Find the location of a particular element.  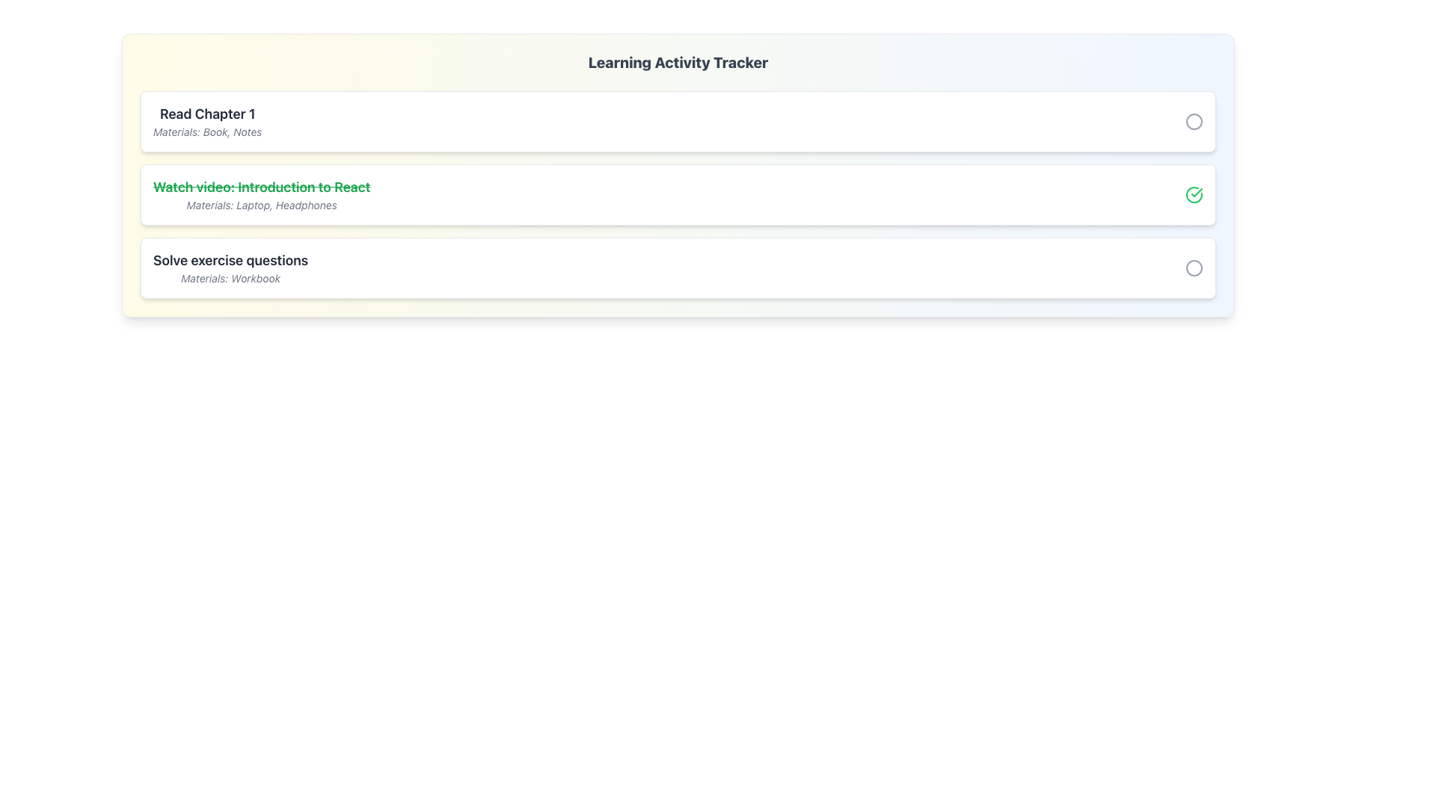

the green tick icon that represents a confirmation status, located at the right end of the second list item's row is located at coordinates (1197, 192).